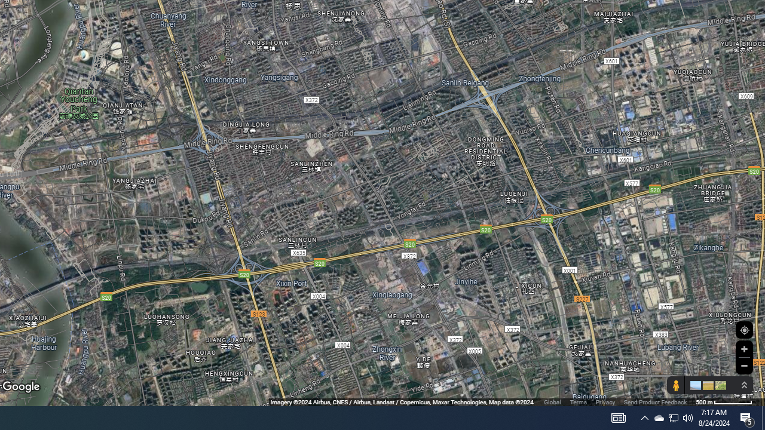  What do you see at coordinates (743, 330) in the screenshot?
I see `'Show Your Location'` at bounding box center [743, 330].